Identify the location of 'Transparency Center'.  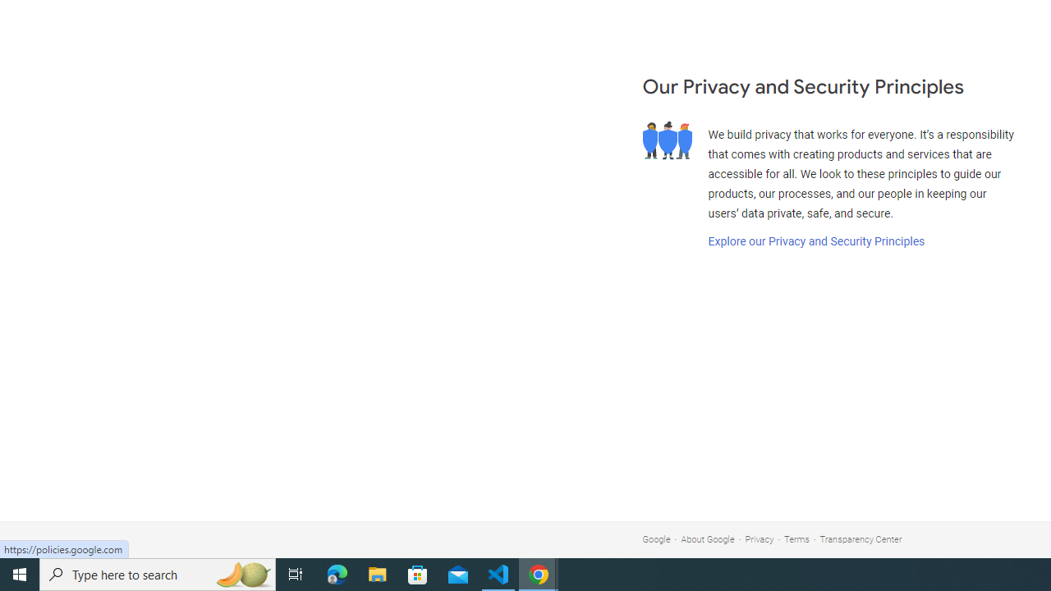
(860, 539).